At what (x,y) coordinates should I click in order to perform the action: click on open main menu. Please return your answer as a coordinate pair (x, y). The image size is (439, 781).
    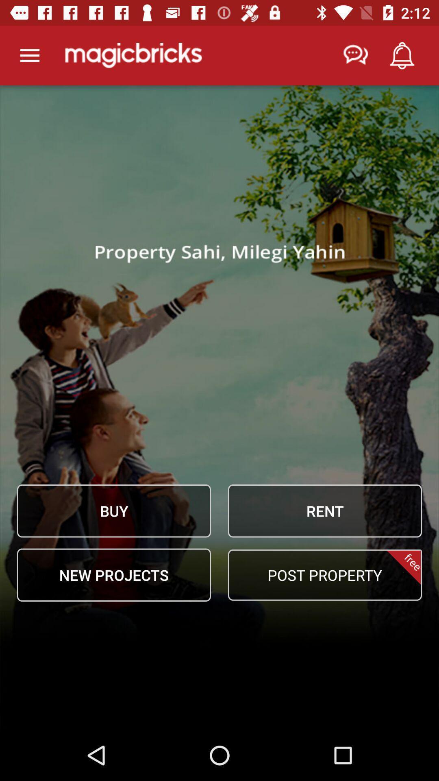
    Looking at the image, I should click on (29, 55).